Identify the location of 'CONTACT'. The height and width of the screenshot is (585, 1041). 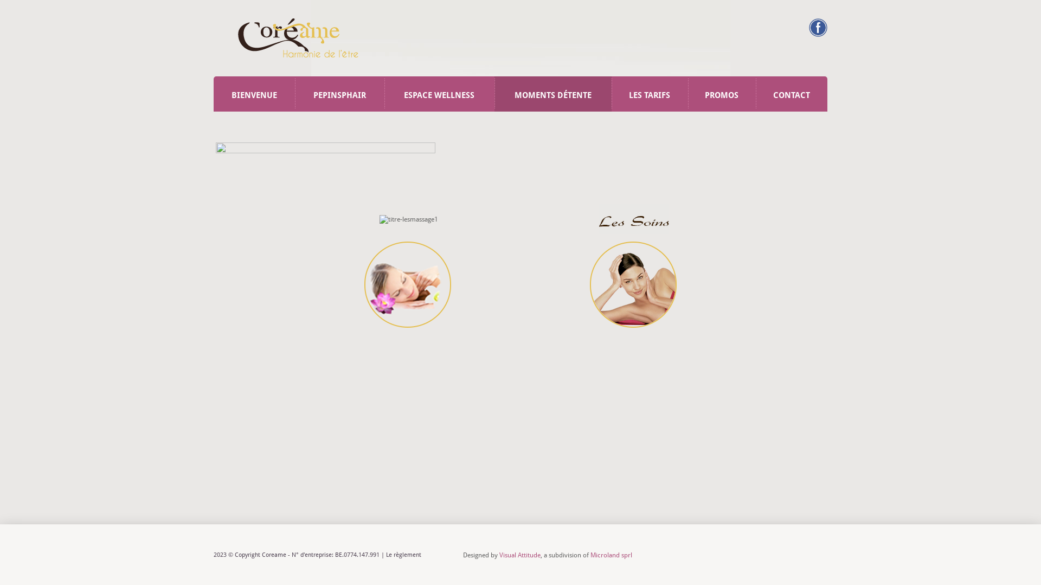
(791, 93).